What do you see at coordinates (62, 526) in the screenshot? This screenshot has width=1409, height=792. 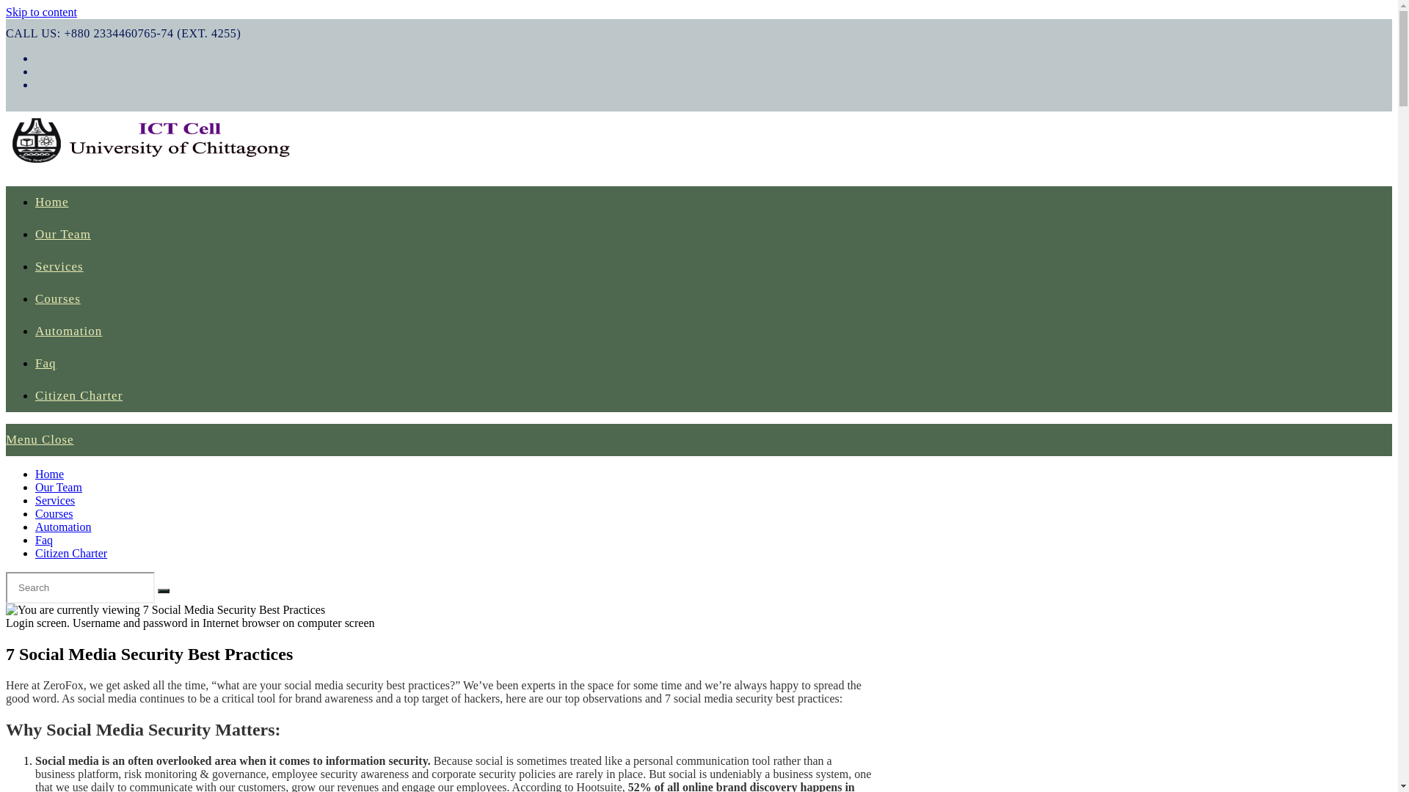 I see `'Automation'` at bounding box center [62, 526].